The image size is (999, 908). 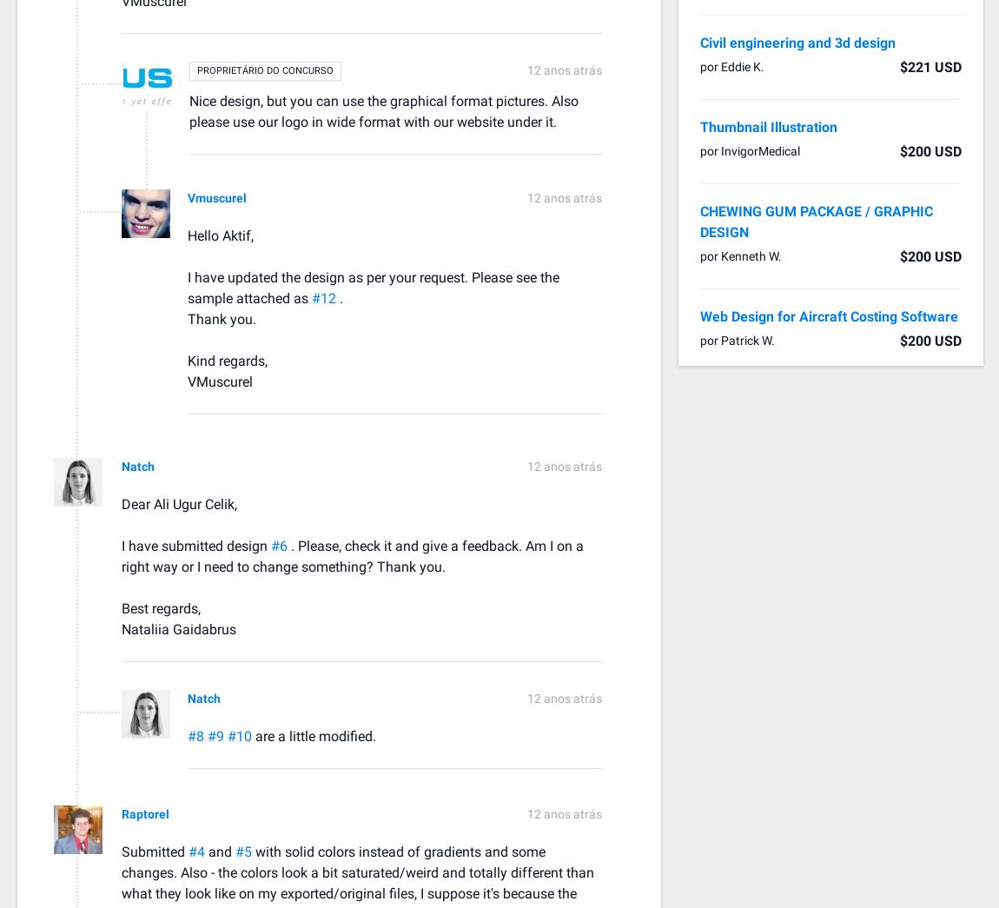 What do you see at coordinates (240, 734) in the screenshot?
I see `'#10'` at bounding box center [240, 734].